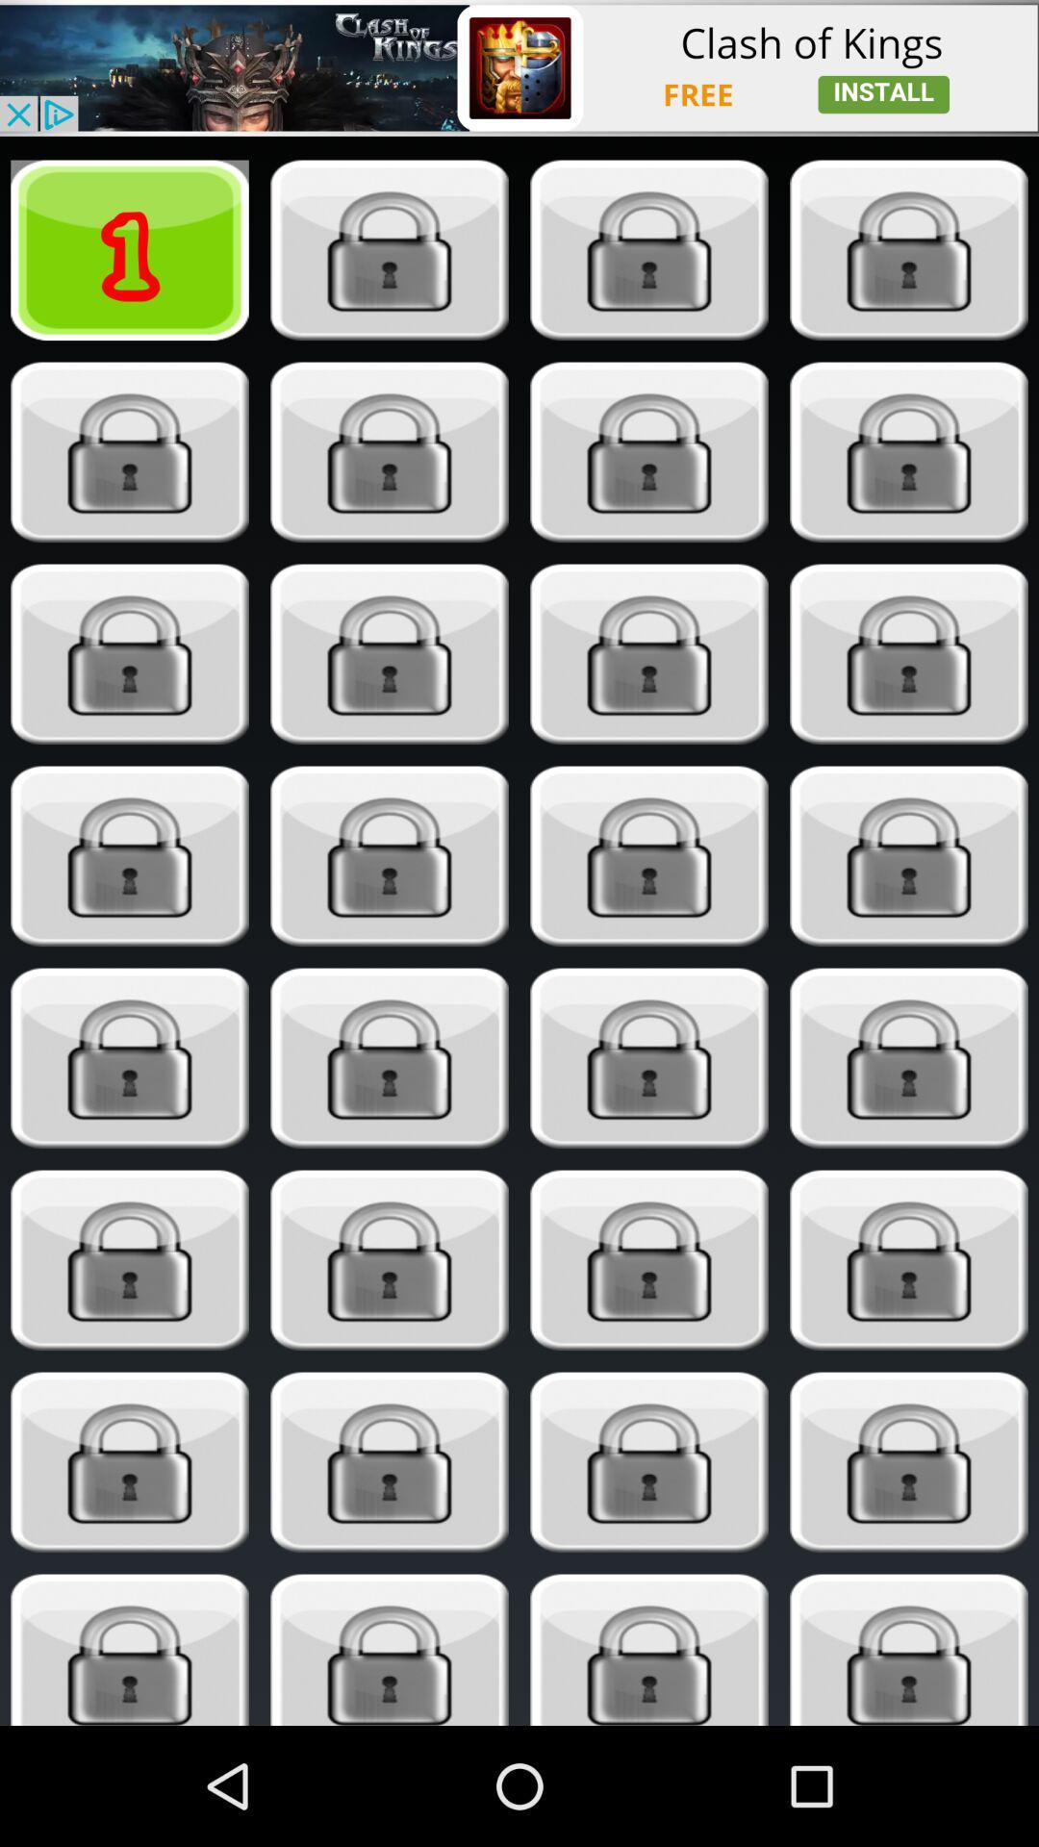 The image size is (1039, 1847). What do you see at coordinates (390, 1260) in the screenshot?
I see `select` at bounding box center [390, 1260].